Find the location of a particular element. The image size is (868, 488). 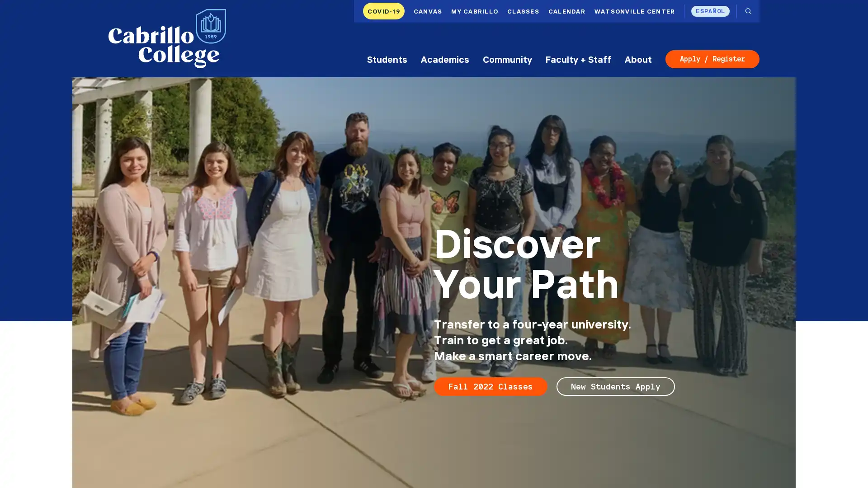

ESPANOL is located at coordinates (710, 11).